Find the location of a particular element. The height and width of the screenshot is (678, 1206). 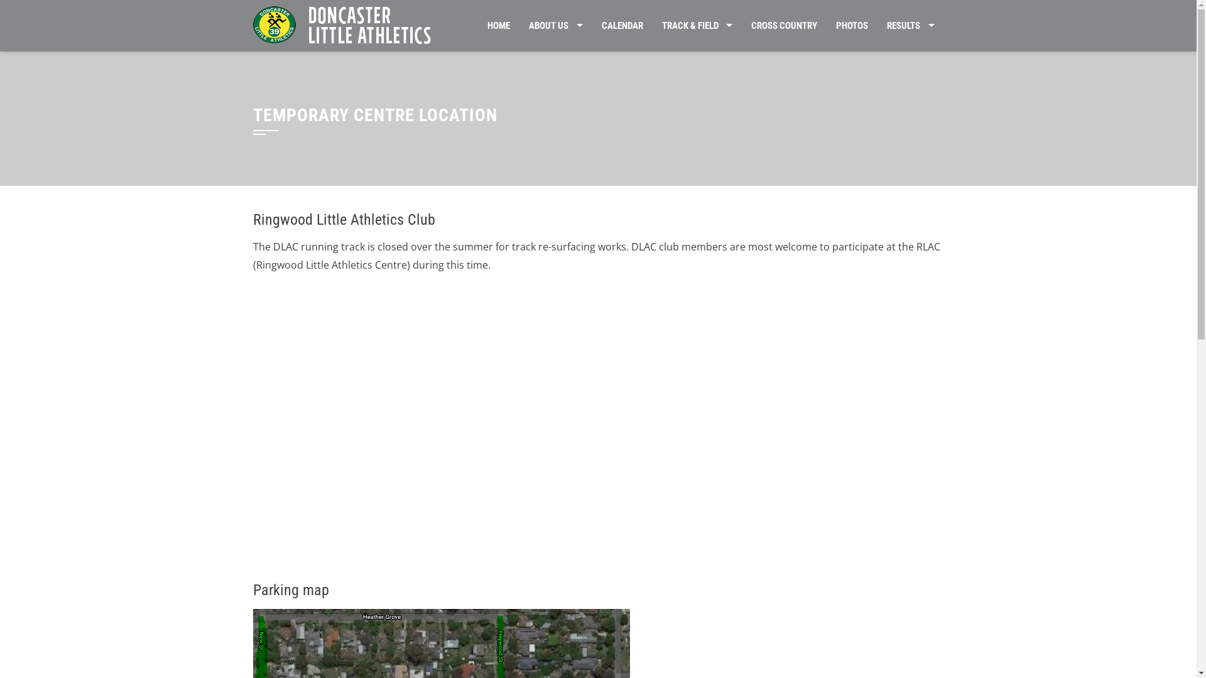

'TRACK & FIELD' is located at coordinates (651, 26).